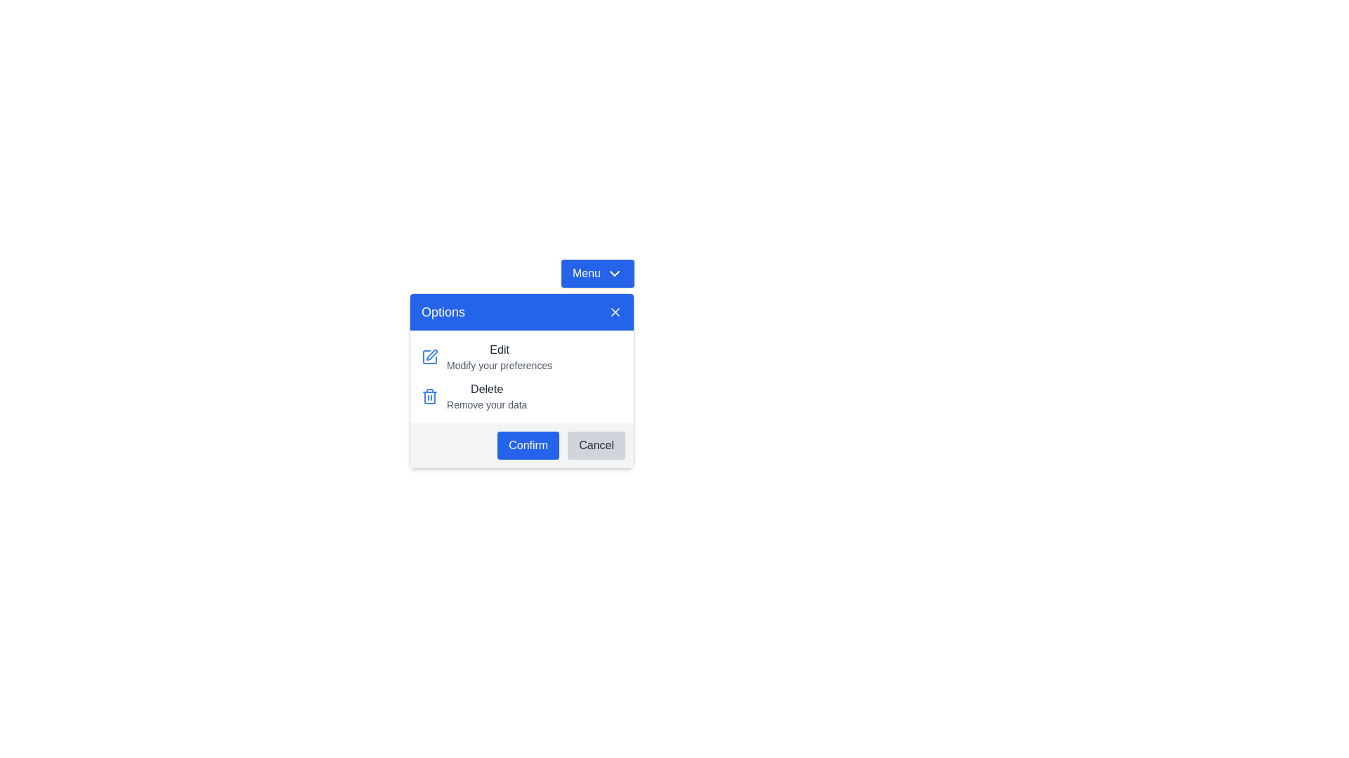 Image resolution: width=1349 pixels, height=758 pixels. What do you see at coordinates (500, 364) in the screenshot?
I see `the static text that provides additional context or instructions about editing preferences, located underneath the 'Edit' label in the 'Options' dialog box` at bounding box center [500, 364].